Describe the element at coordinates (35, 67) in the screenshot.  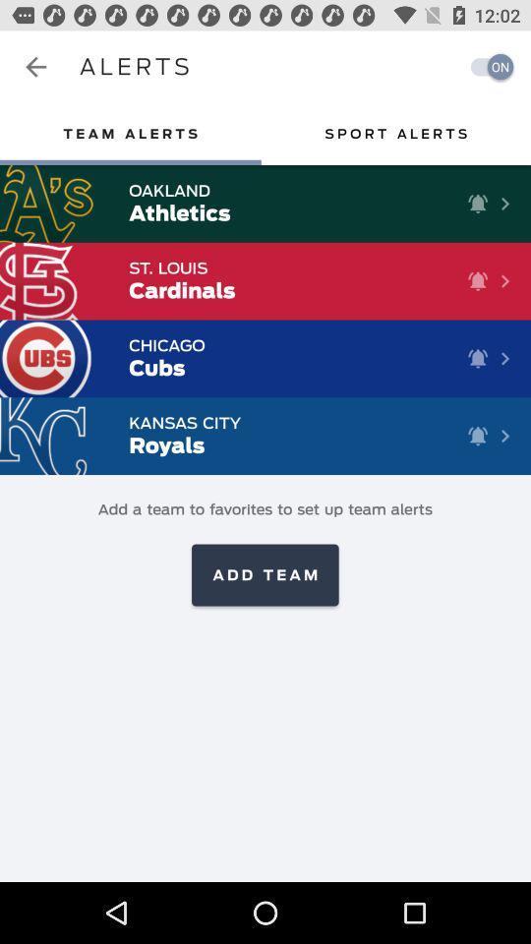
I see `app next to the alerts icon` at that location.